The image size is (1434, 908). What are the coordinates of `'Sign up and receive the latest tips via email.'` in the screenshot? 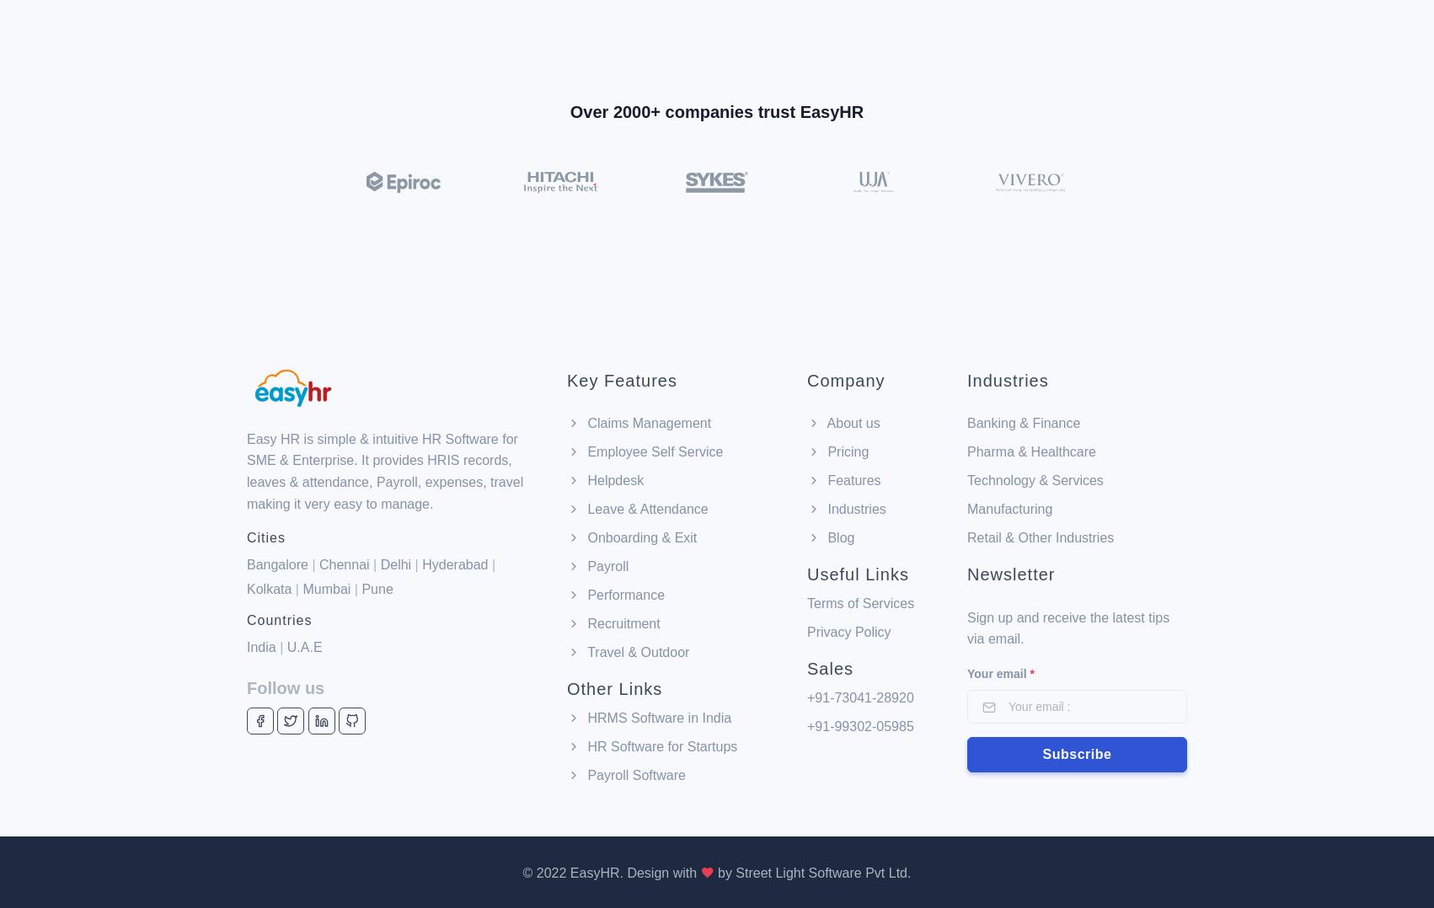 It's located at (966, 538).